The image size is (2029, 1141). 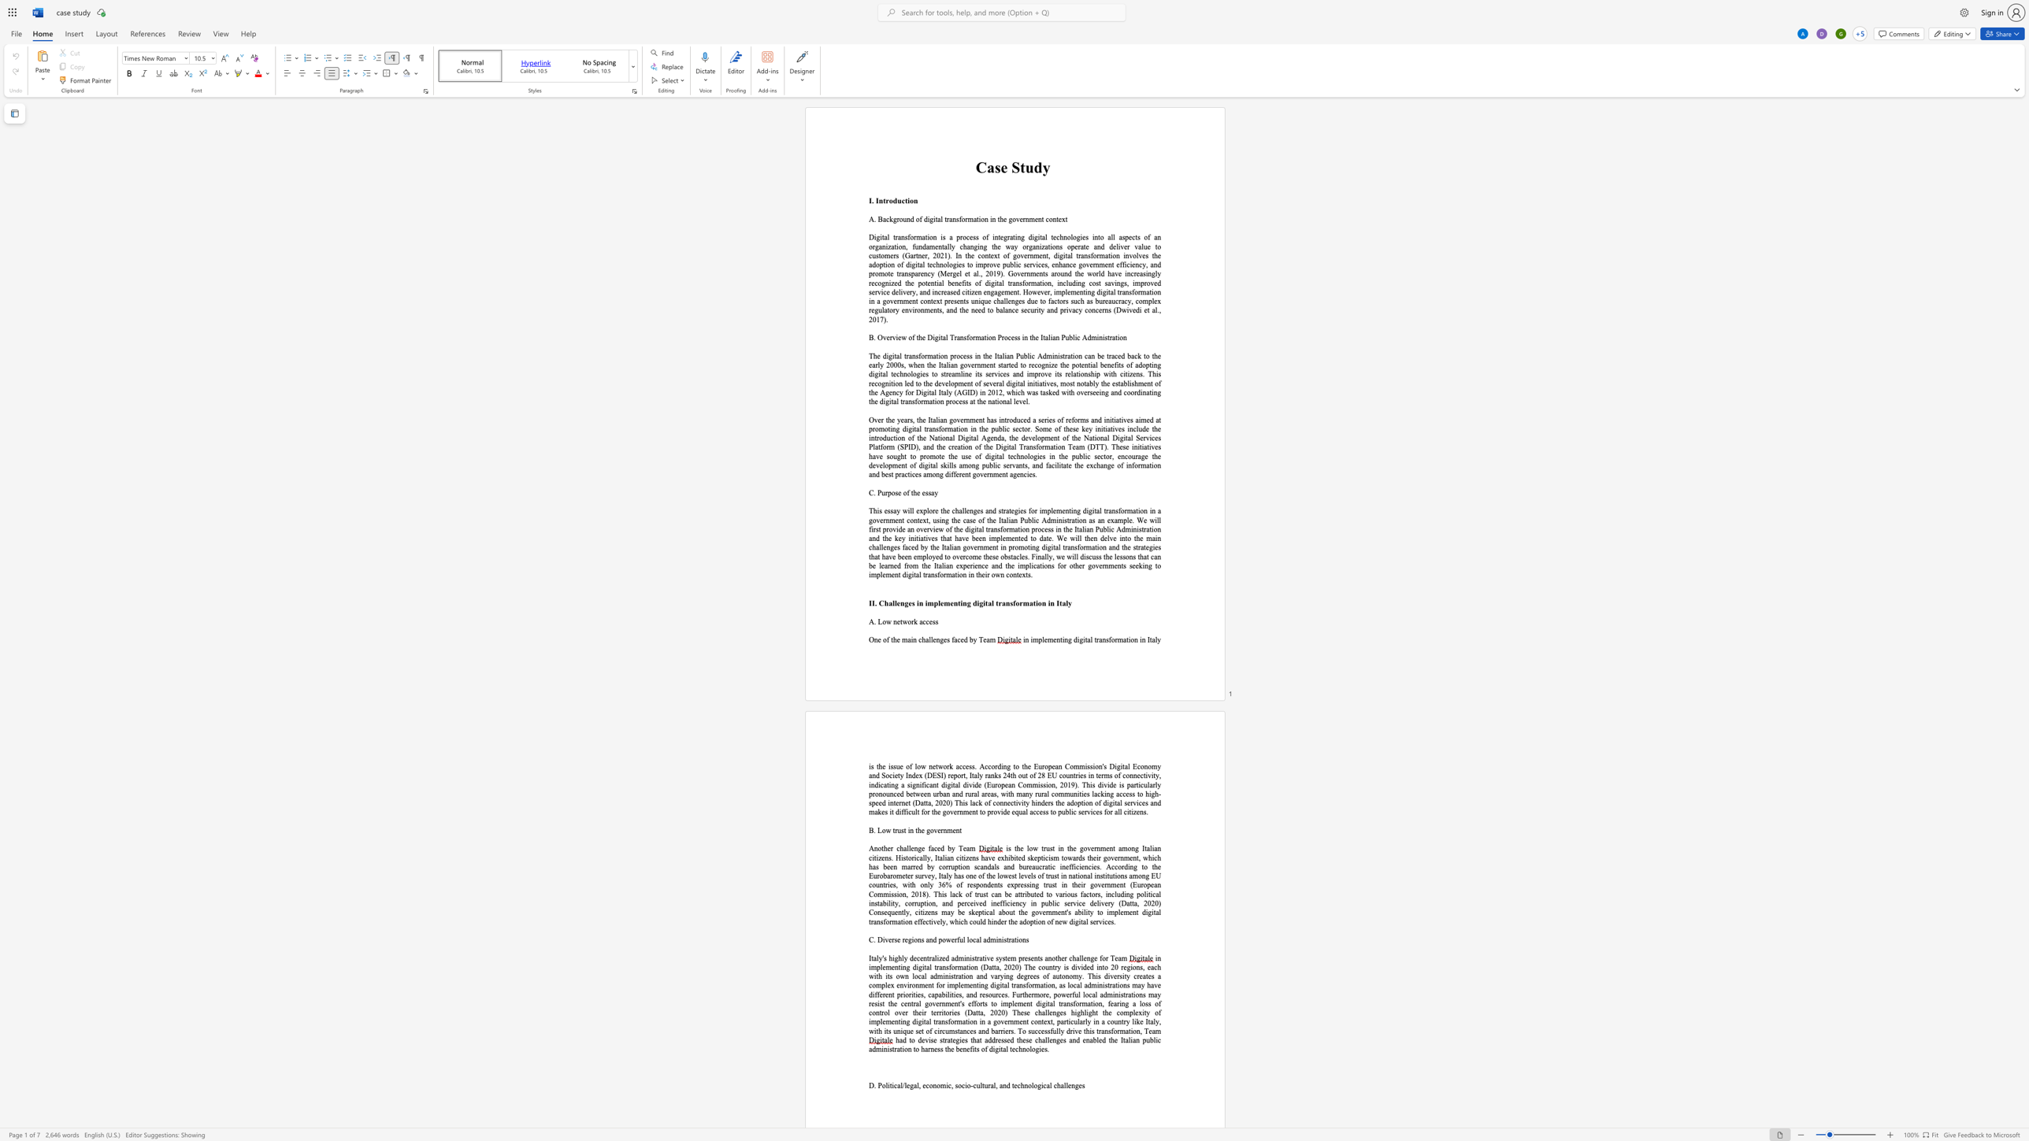 What do you see at coordinates (1144, 1002) in the screenshot?
I see `the space between the continuous character "o" and "s" in the text` at bounding box center [1144, 1002].